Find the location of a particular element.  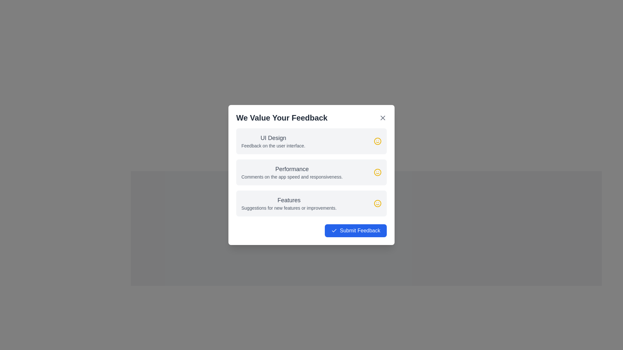

the feedback submission button located at the bottom of the 'We Value Your Feedback' modal dialog to observe the hover animation is located at coordinates (311, 230).